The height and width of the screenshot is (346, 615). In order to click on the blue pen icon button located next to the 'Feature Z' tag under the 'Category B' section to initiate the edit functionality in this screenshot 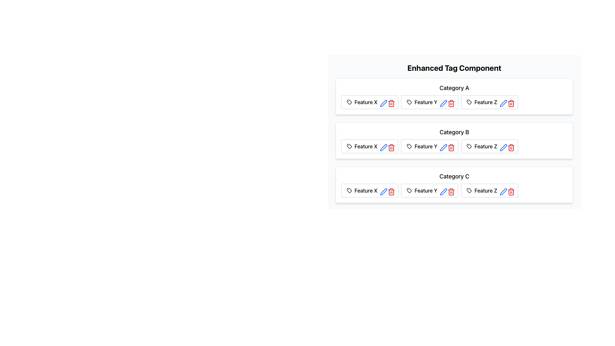, I will do `click(503, 191)`.